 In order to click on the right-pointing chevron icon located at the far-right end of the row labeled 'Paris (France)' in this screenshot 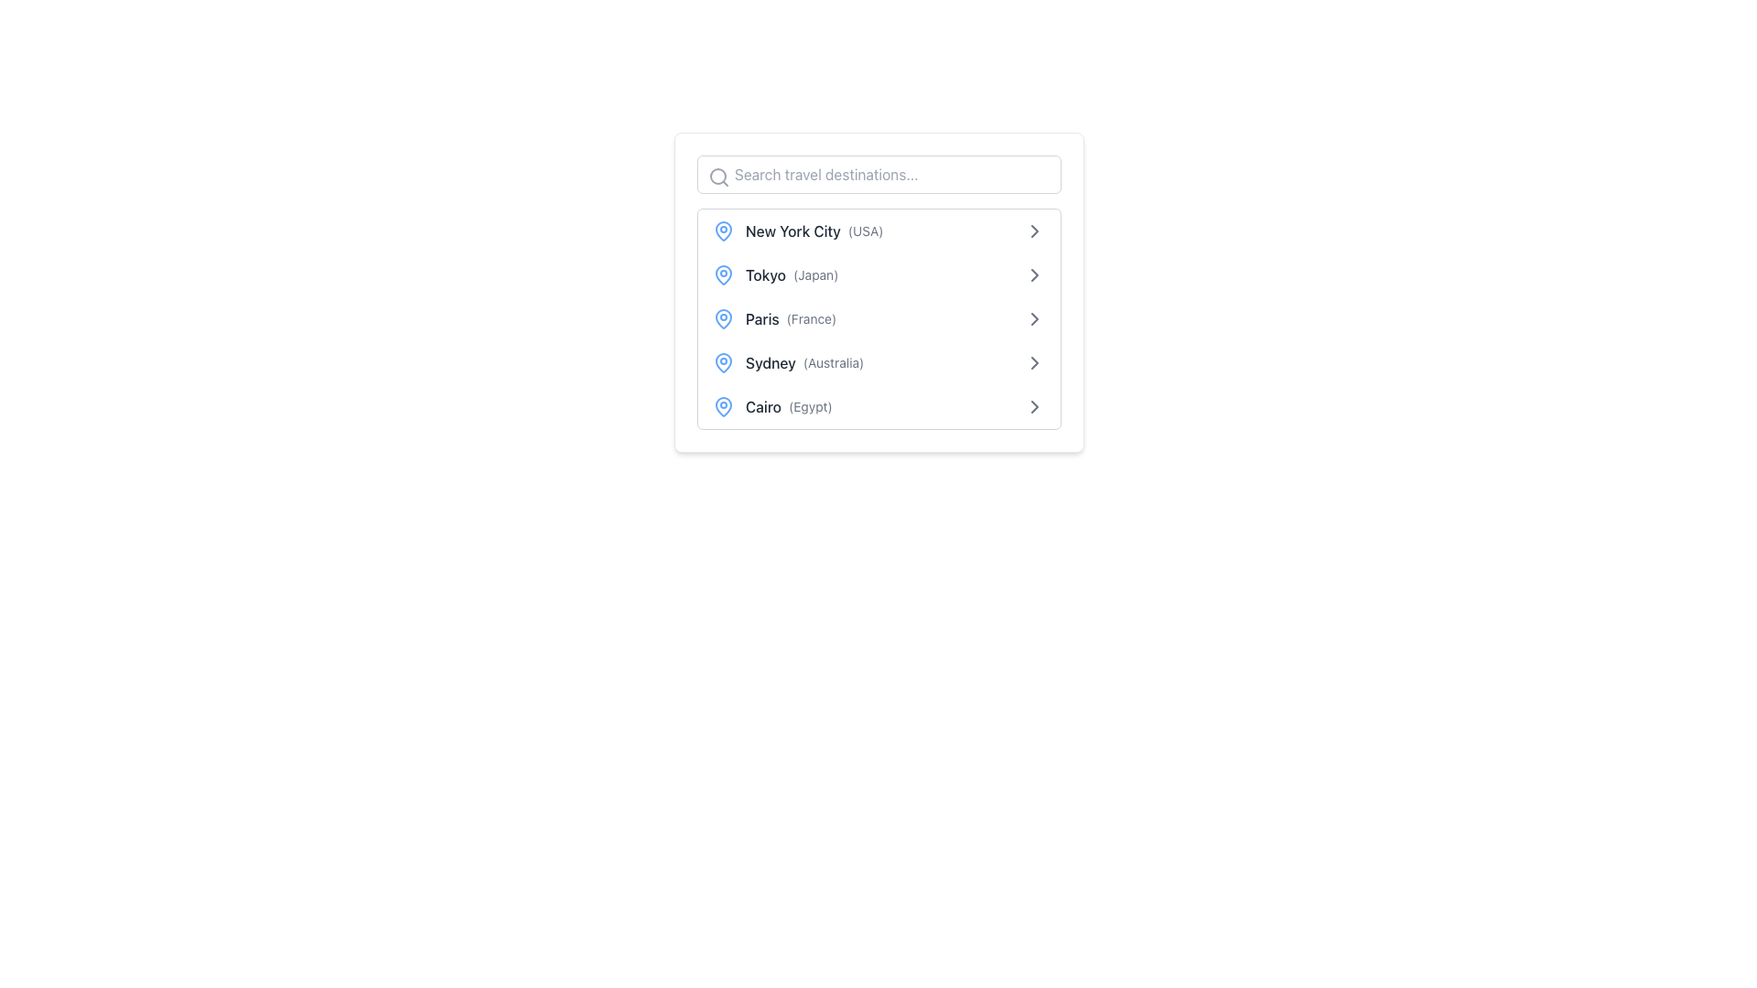, I will do `click(1035, 317)`.